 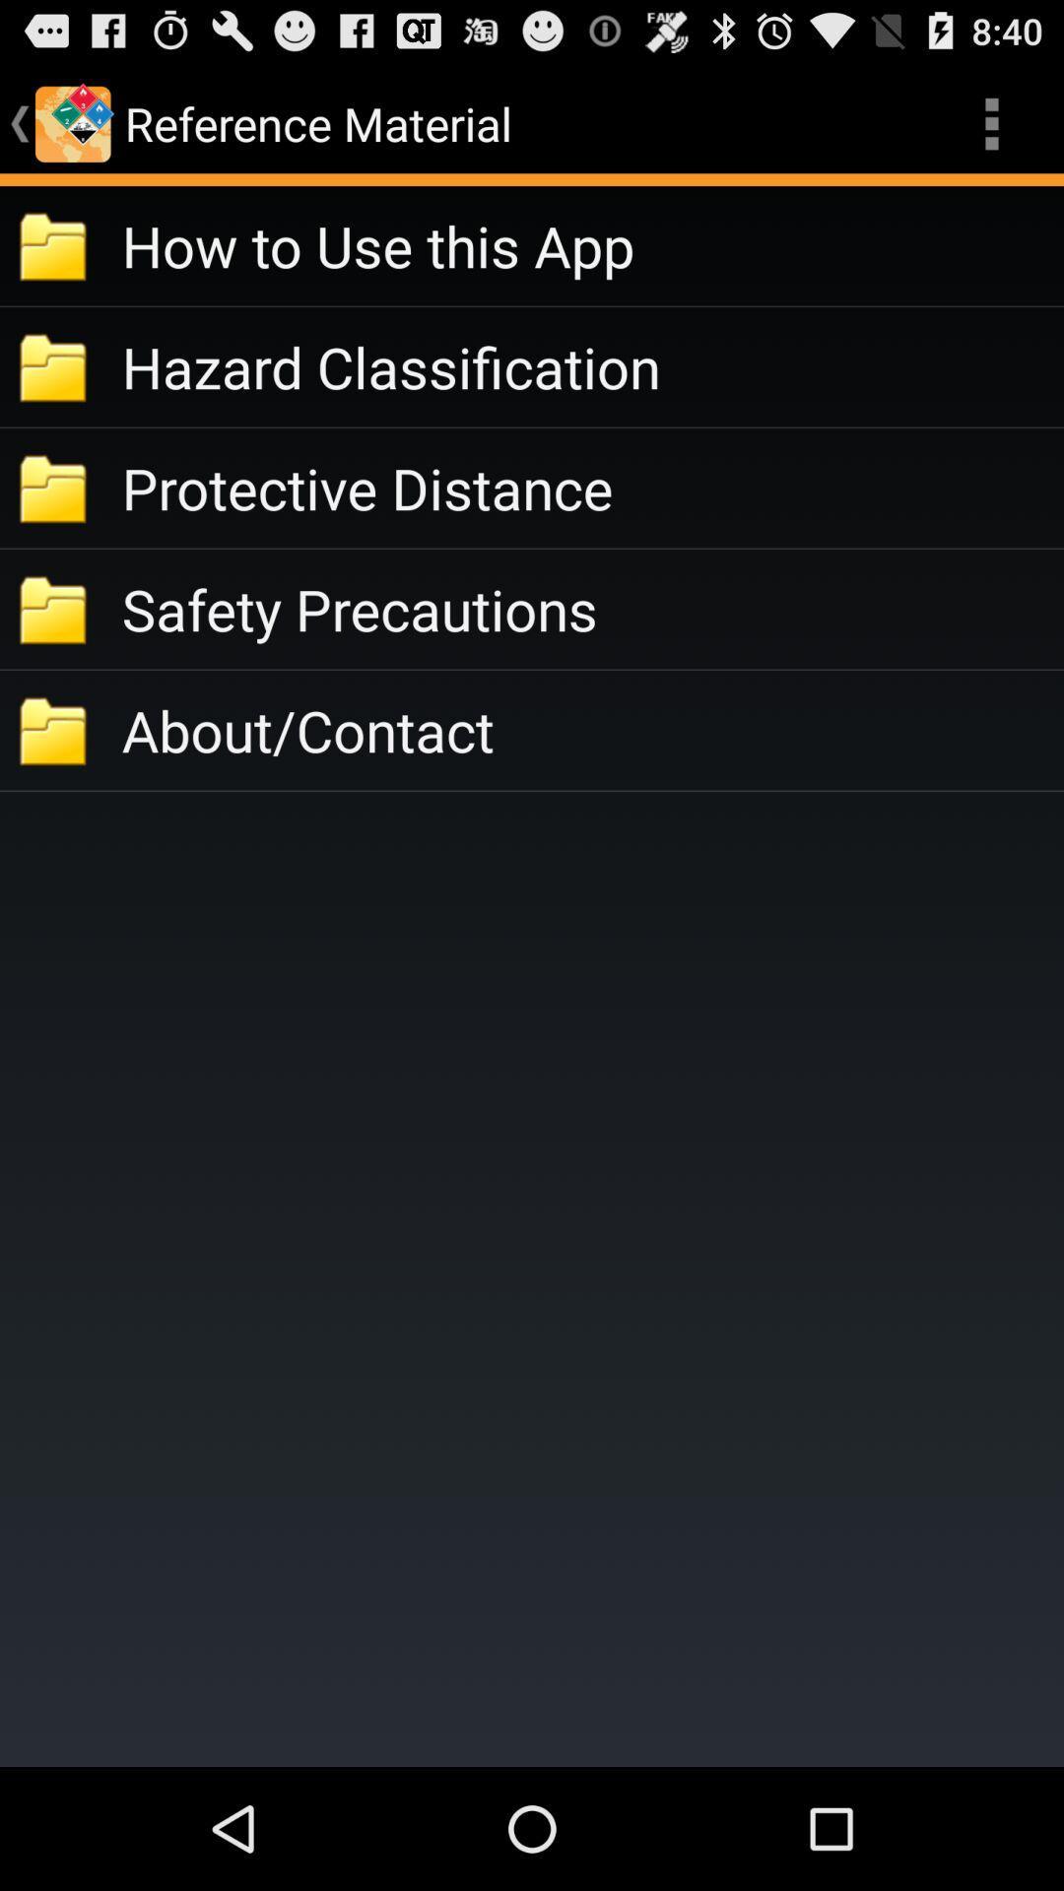 I want to click on protective distance app, so click(x=591, y=488).